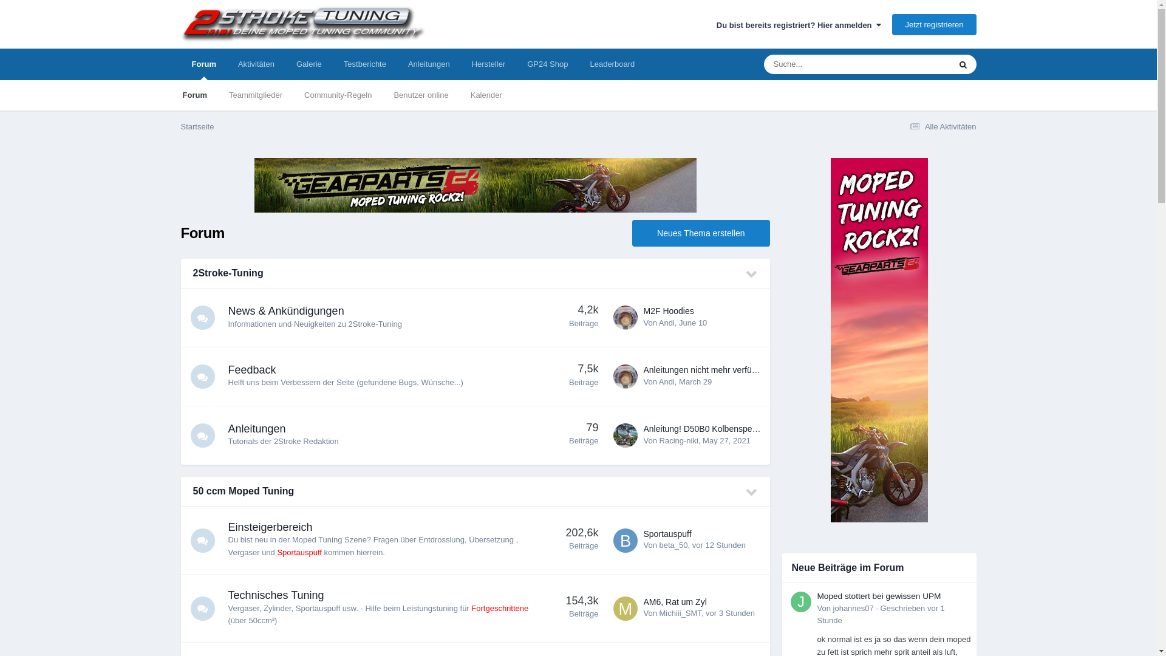 The image size is (1166, 656). What do you see at coordinates (626, 376) in the screenshot?
I see `'Gehe zu Andi's Profil'` at bounding box center [626, 376].